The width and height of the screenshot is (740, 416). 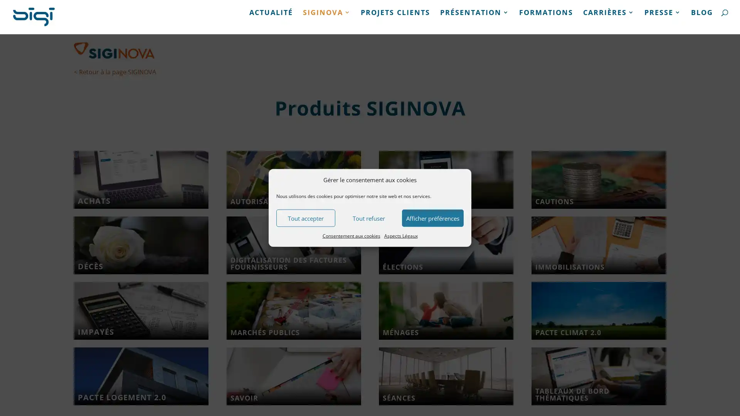 What do you see at coordinates (433, 218) in the screenshot?
I see `Afficher preferences` at bounding box center [433, 218].